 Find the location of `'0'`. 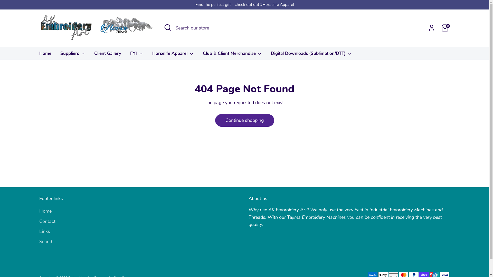

'0' is located at coordinates (444, 28).